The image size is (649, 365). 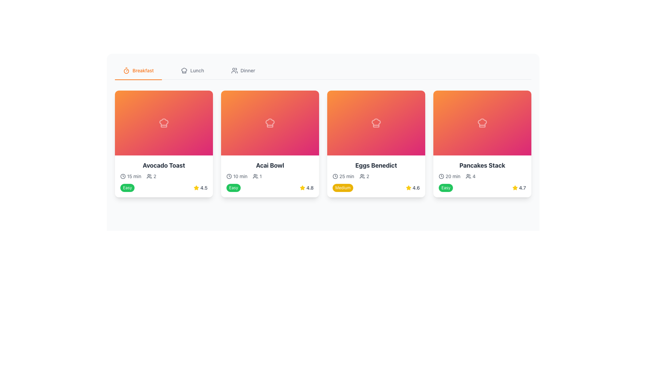 I want to click on the star-shaped icon with a golden yellow fill, located in the second card labeled 'Acai Bowl' next to the number 4.8, indicating a rating, so click(x=302, y=188).